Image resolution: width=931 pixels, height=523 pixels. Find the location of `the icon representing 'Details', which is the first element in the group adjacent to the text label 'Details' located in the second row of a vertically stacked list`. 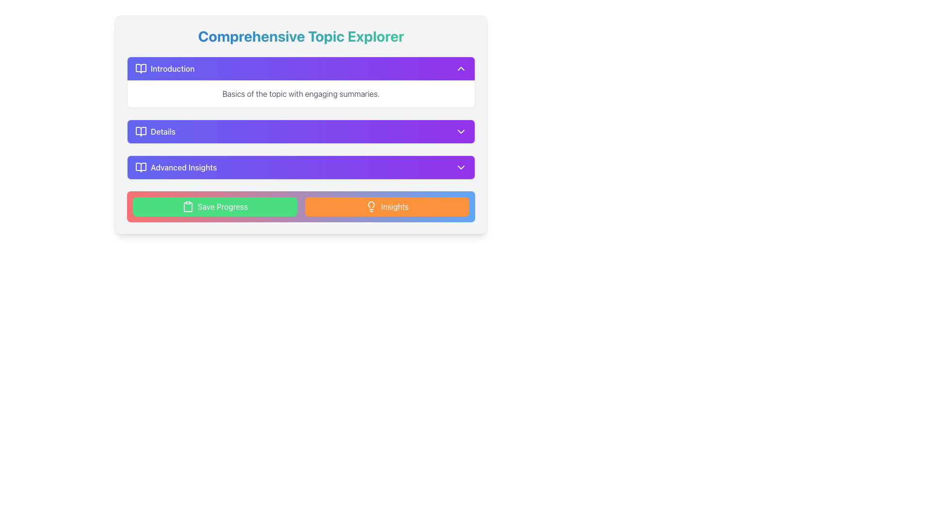

the icon representing 'Details', which is the first element in the group adjacent to the text label 'Details' located in the second row of a vertically stacked list is located at coordinates (141, 132).